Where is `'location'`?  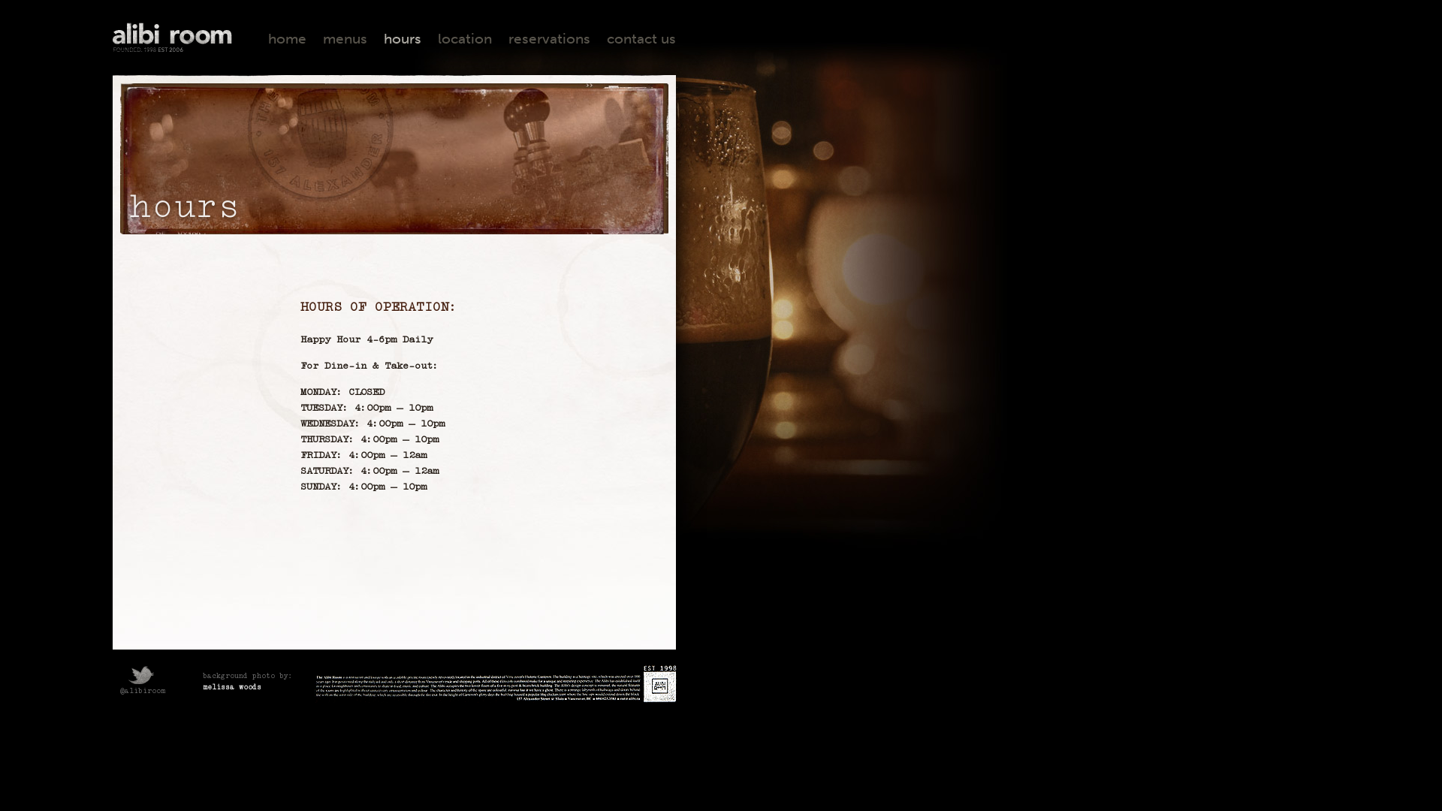
'location' is located at coordinates (436, 38).